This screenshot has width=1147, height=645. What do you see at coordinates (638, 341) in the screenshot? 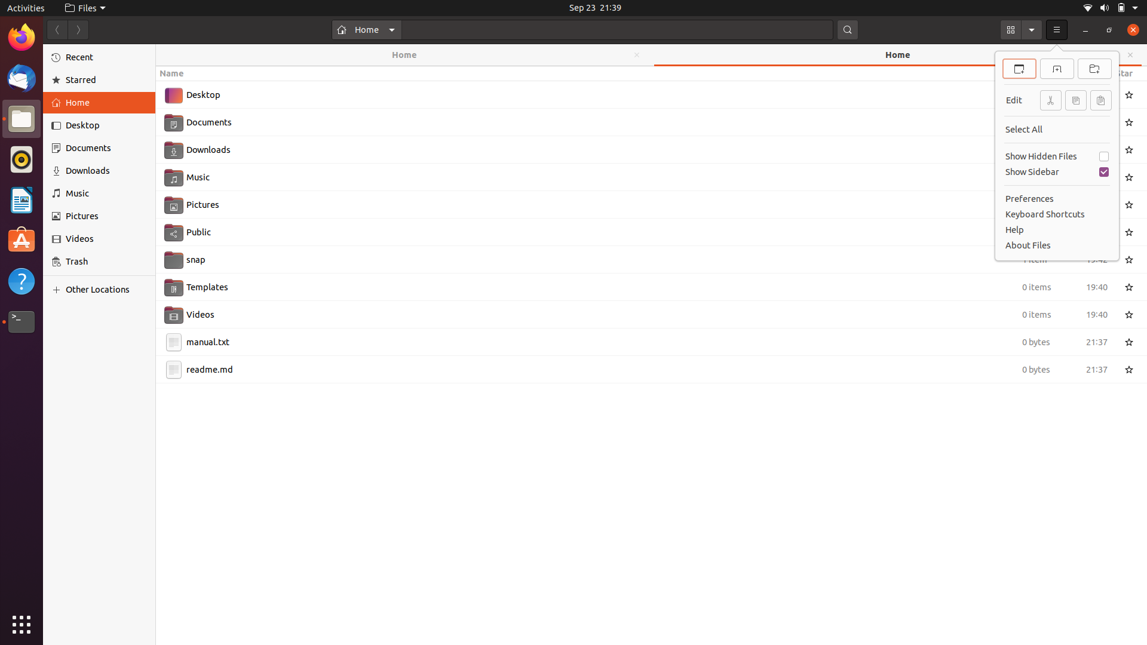
I see `Cut the file manual.txt using mouse and keyboard` at bounding box center [638, 341].